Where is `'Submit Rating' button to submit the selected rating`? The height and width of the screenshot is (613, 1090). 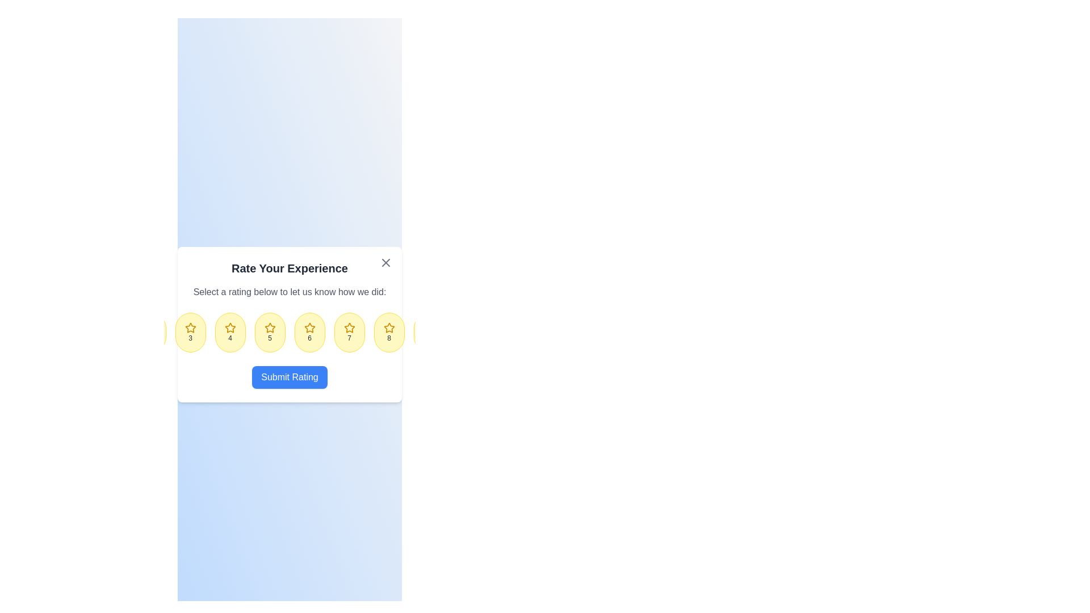 'Submit Rating' button to submit the selected rating is located at coordinates (290, 377).